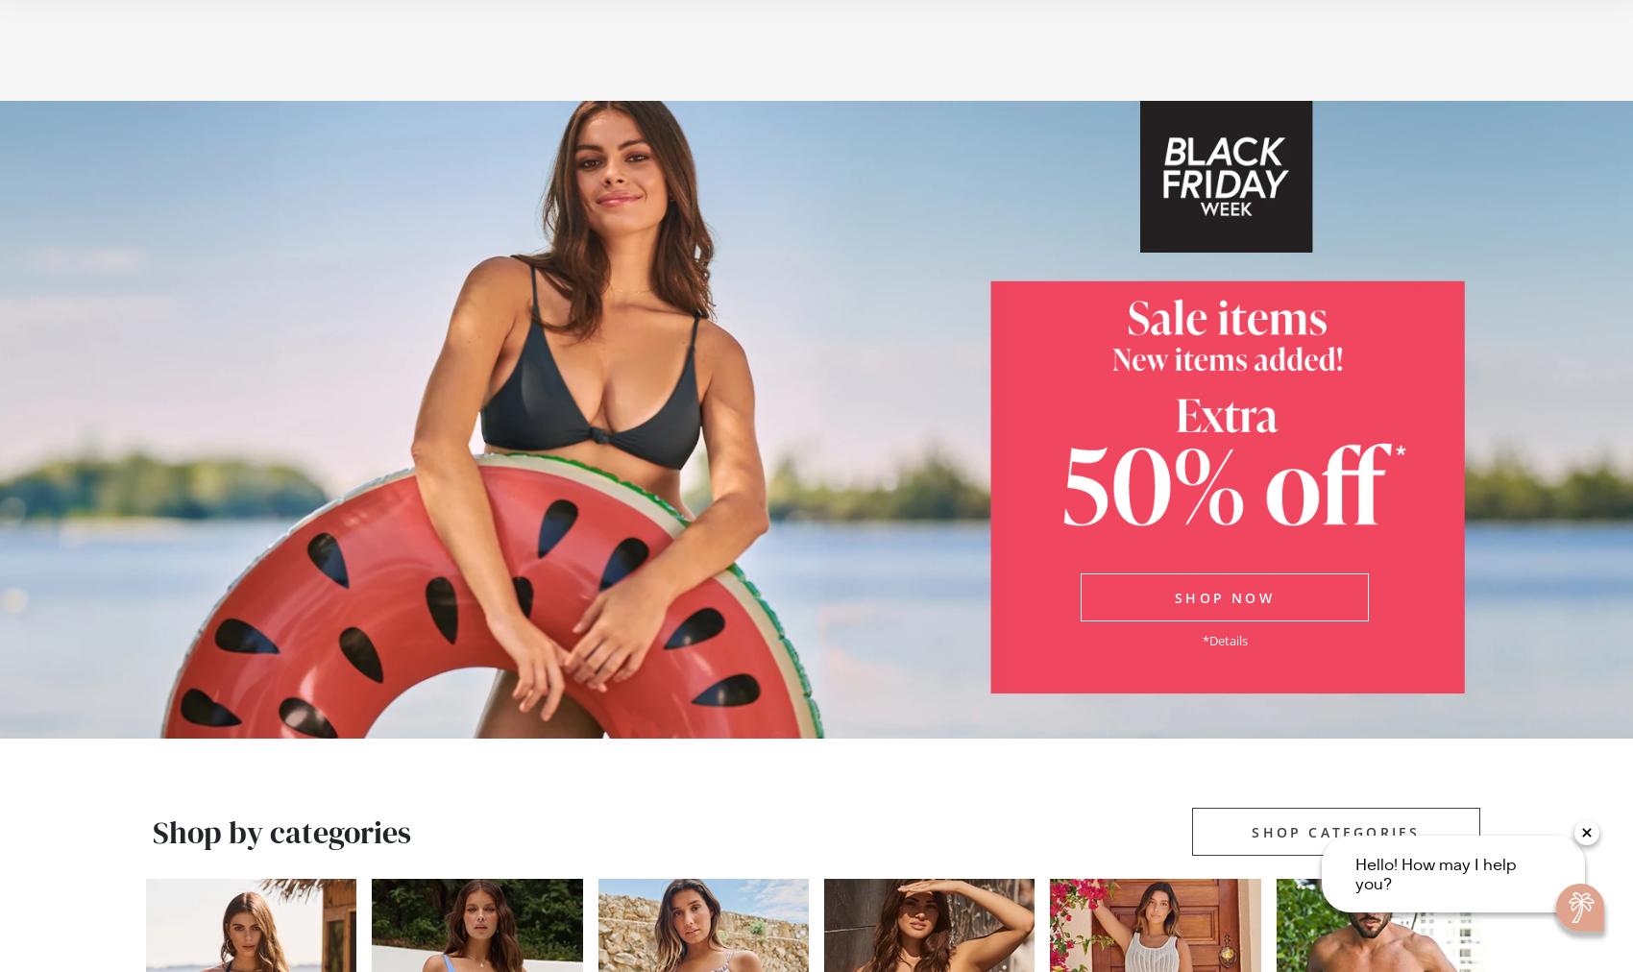 Image resolution: width=1633 pixels, height=972 pixels. Describe the element at coordinates (423, 70) in the screenshot. I see `'Men'` at that location.